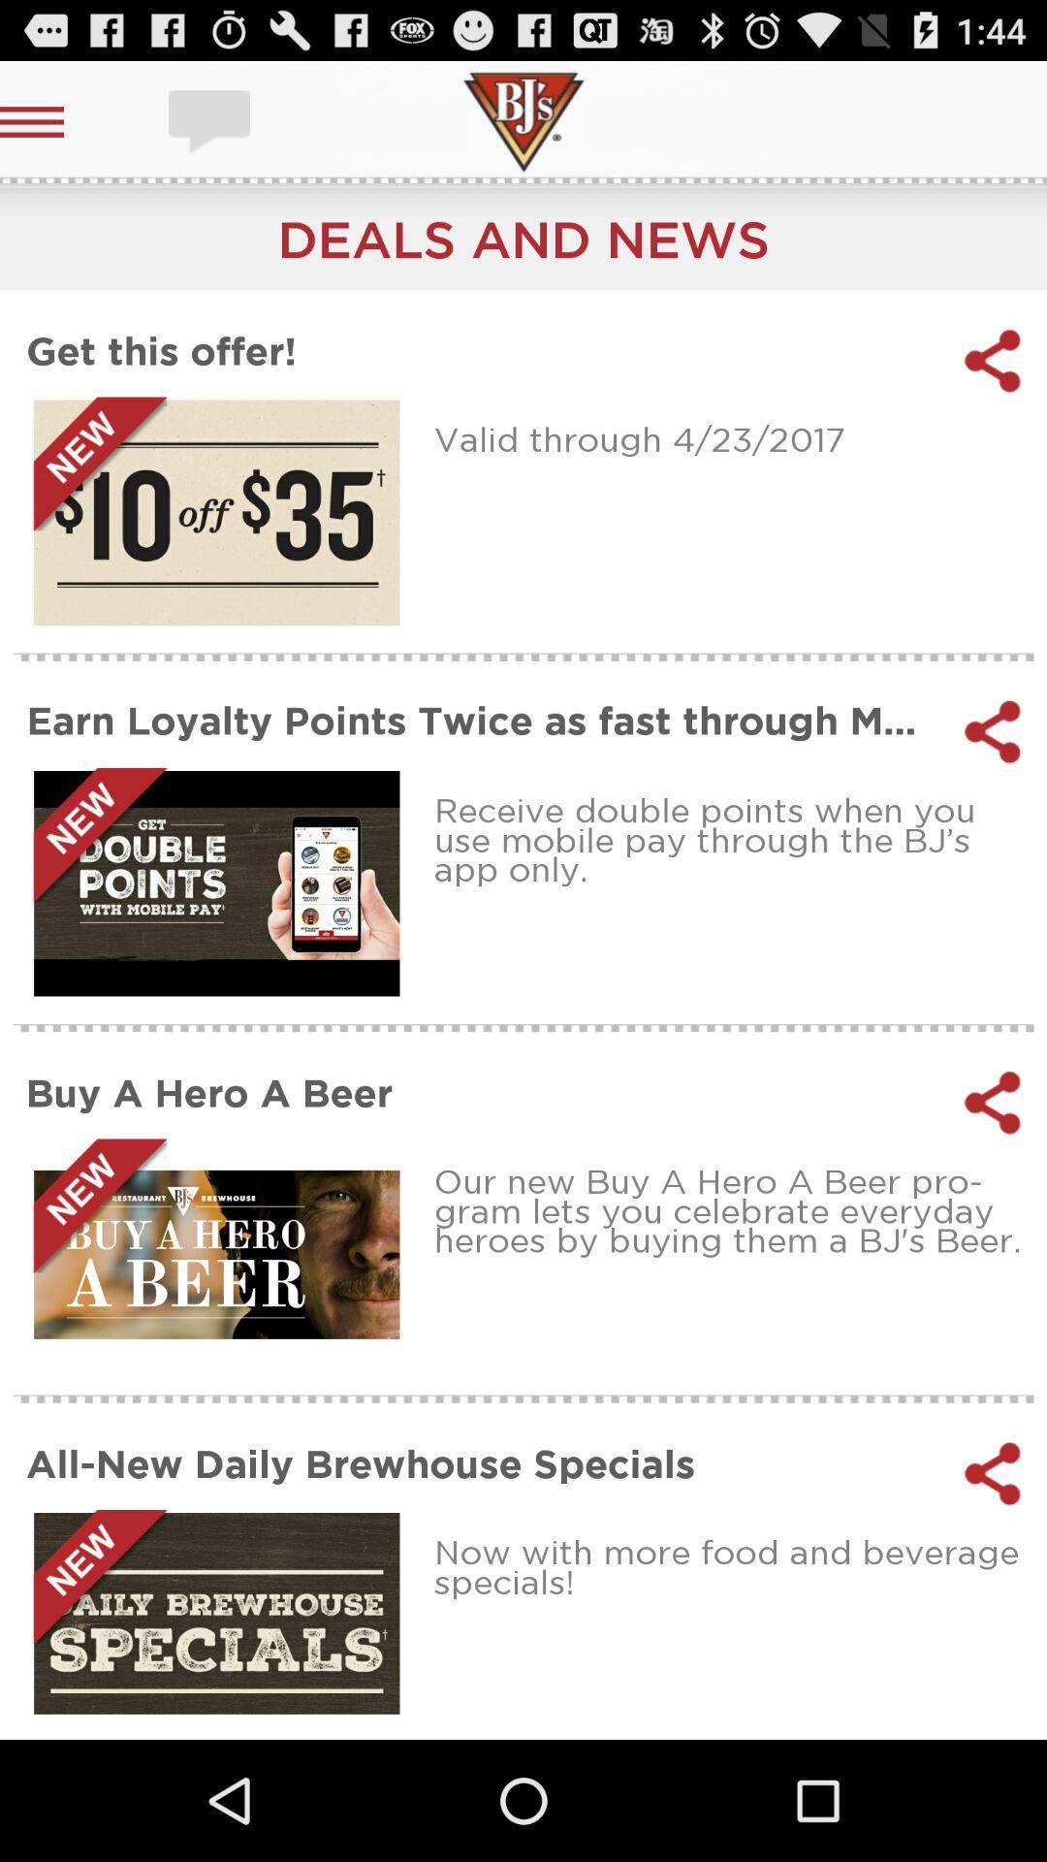 The height and width of the screenshot is (1862, 1047). What do you see at coordinates (734, 1209) in the screenshot?
I see `the our new buy item` at bounding box center [734, 1209].